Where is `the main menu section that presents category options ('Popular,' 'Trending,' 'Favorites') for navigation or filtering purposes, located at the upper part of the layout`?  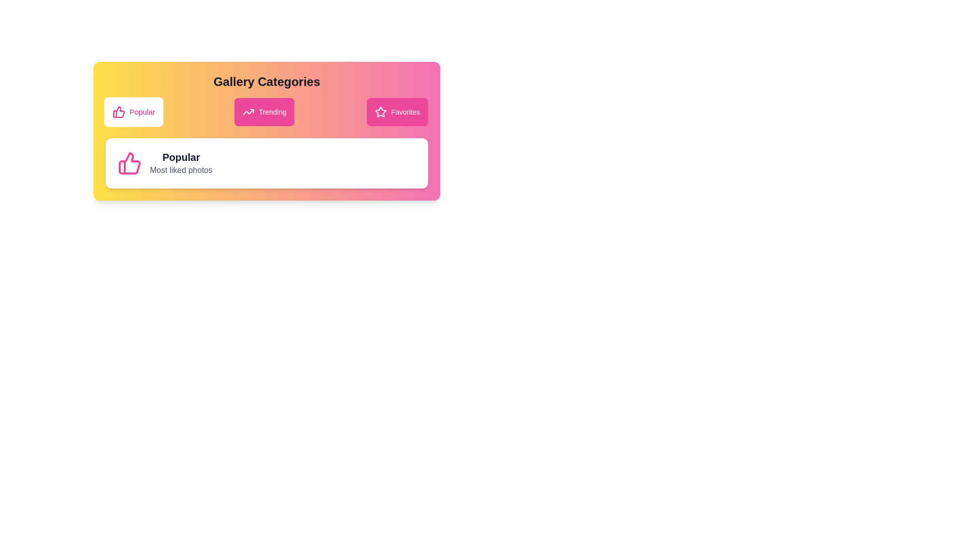 the main menu section that presents category options ('Popular,' 'Trending,' 'Favorites') for navigation or filtering purposes, located at the upper part of the layout is located at coordinates (267, 131).